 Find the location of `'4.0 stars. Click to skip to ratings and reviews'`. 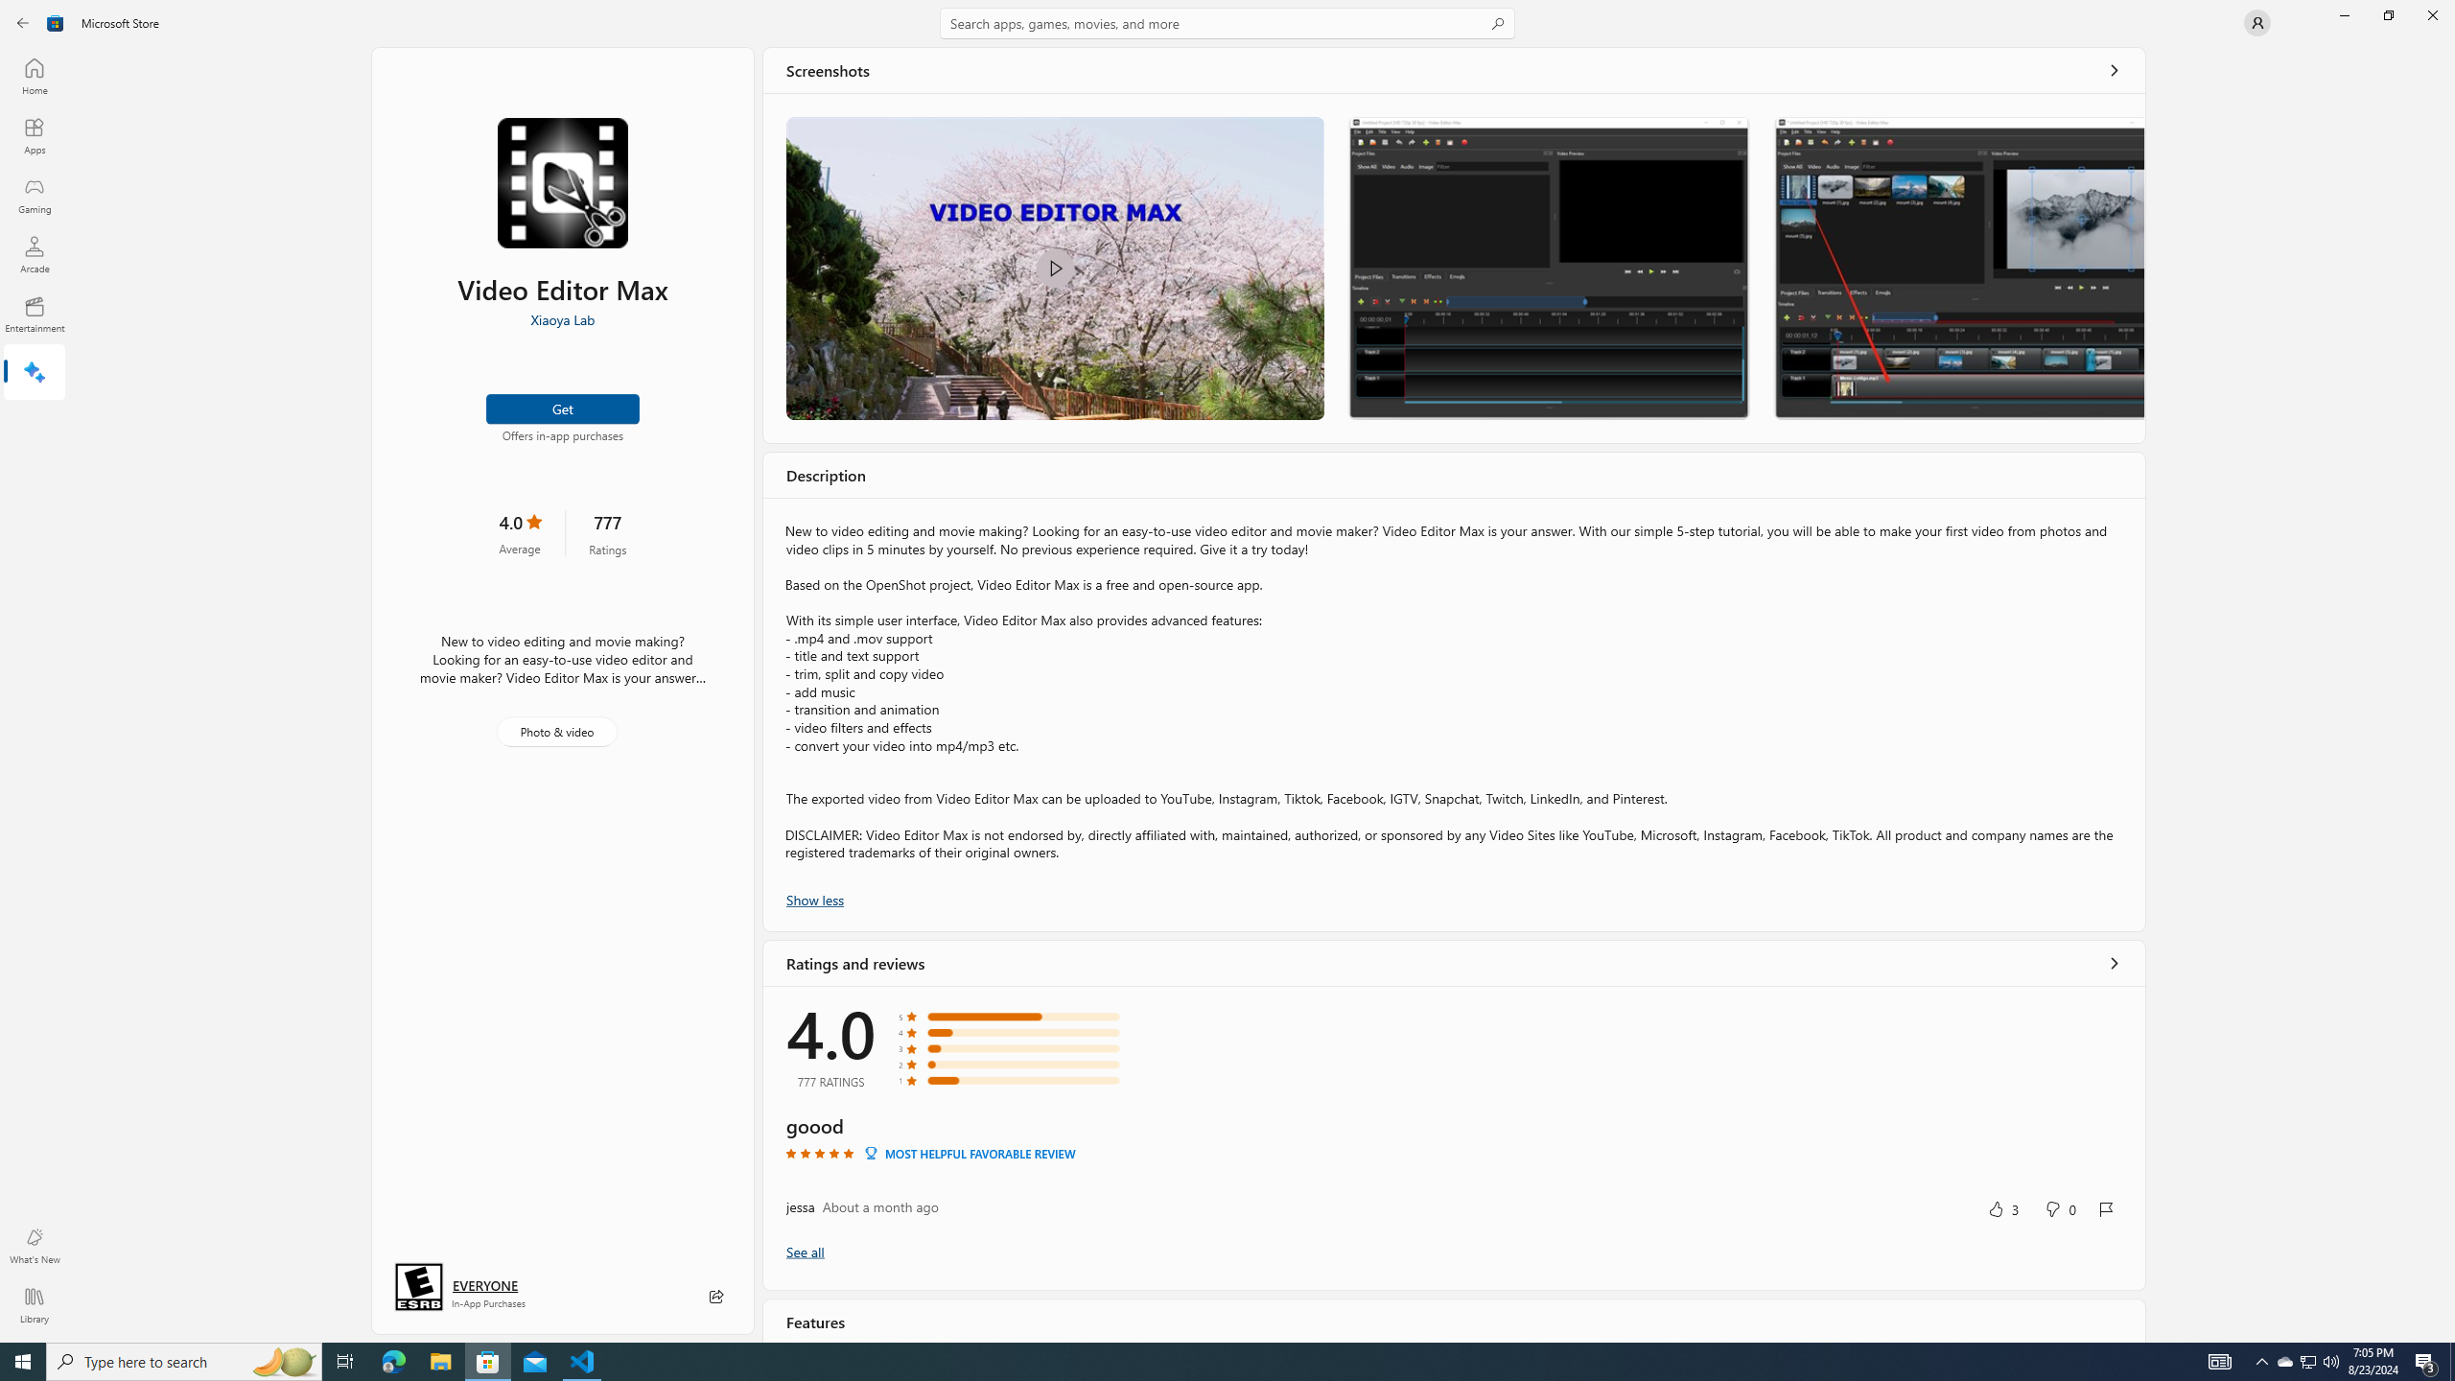

'4.0 stars. Click to skip to ratings and reviews' is located at coordinates (519, 532).